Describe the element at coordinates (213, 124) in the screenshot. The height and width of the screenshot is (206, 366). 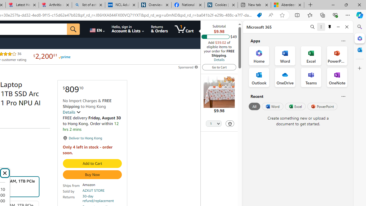
I see `'Quantity Selector'` at that location.